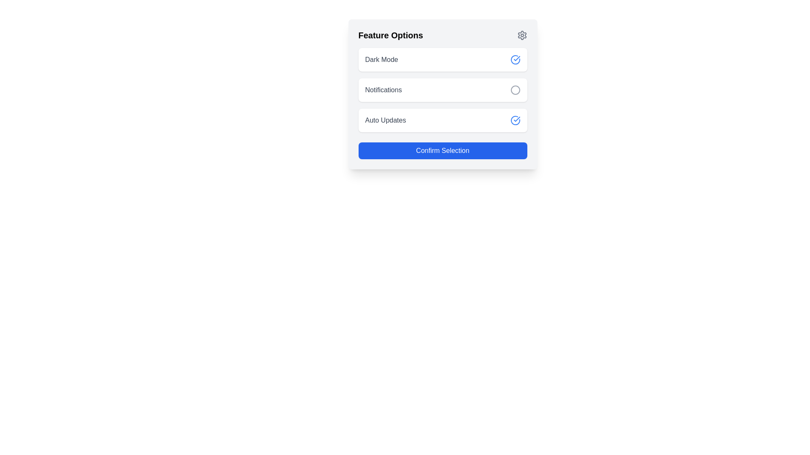  What do you see at coordinates (381, 59) in the screenshot?
I see `the 'Dark Mode' label, which is a textual label styled in medium-sized gray font located in the first option row of the selectable list under 'Feature Options'` at bounding box center [381, 59].